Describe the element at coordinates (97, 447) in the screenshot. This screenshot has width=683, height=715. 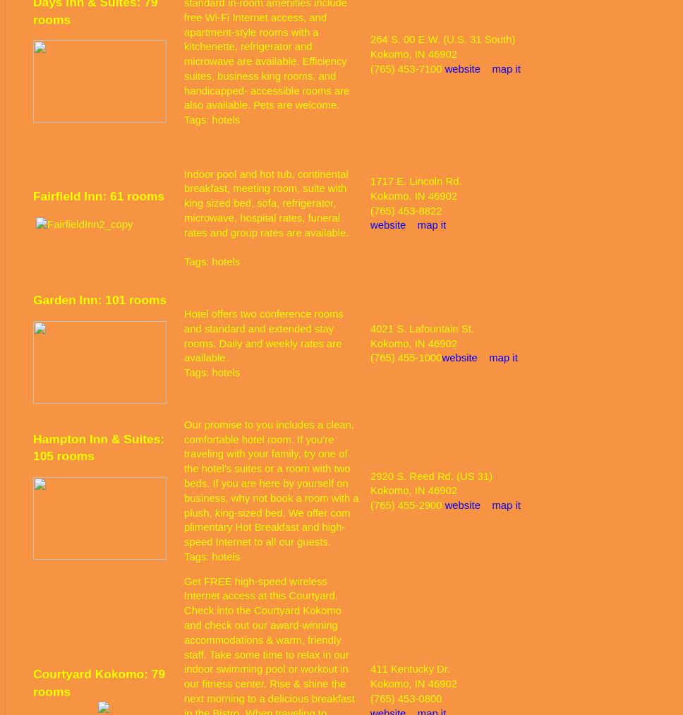
I see `'Hampton Inn & Suites: 105 rooms'` at that location.